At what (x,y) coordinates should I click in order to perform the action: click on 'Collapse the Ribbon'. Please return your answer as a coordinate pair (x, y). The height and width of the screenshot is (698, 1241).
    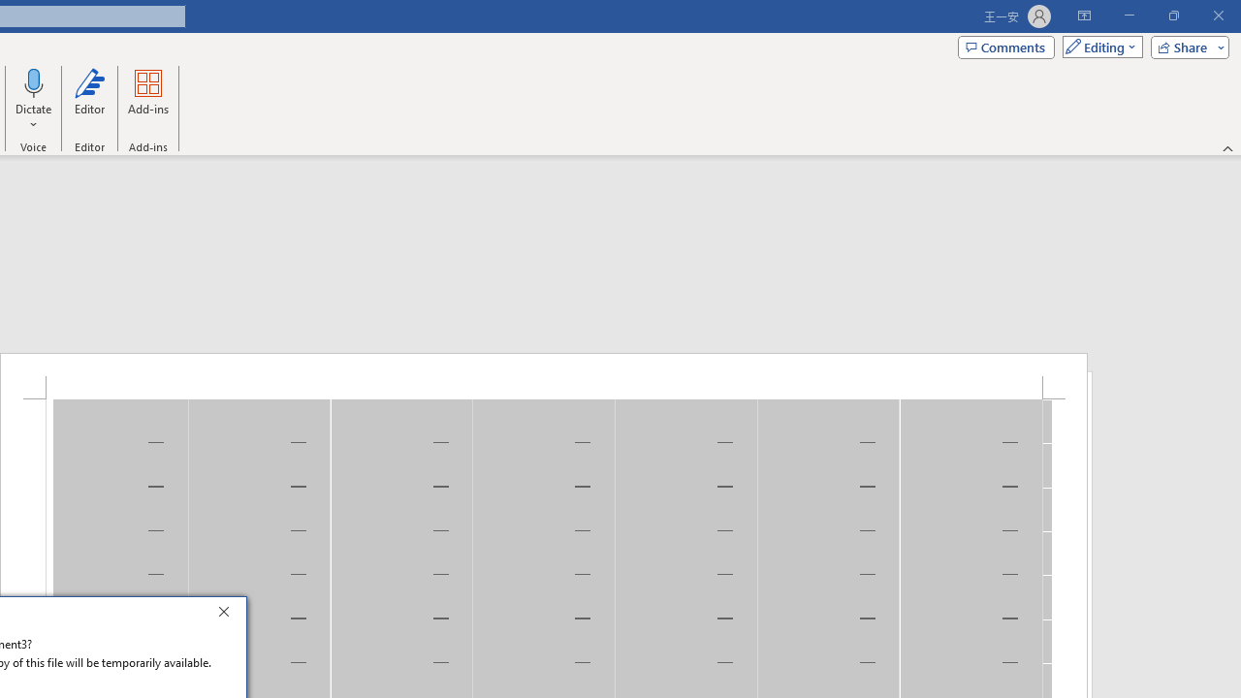
    Looking at the image, I should click on (1227, 147).